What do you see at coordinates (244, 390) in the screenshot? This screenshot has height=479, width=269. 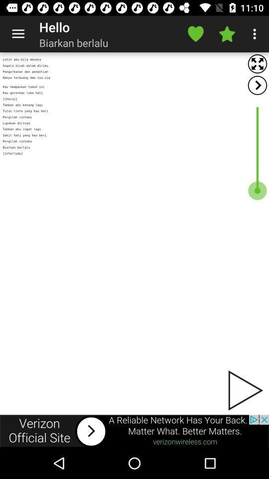 I see `the button will continue the page` at bounding box center [244, 390].